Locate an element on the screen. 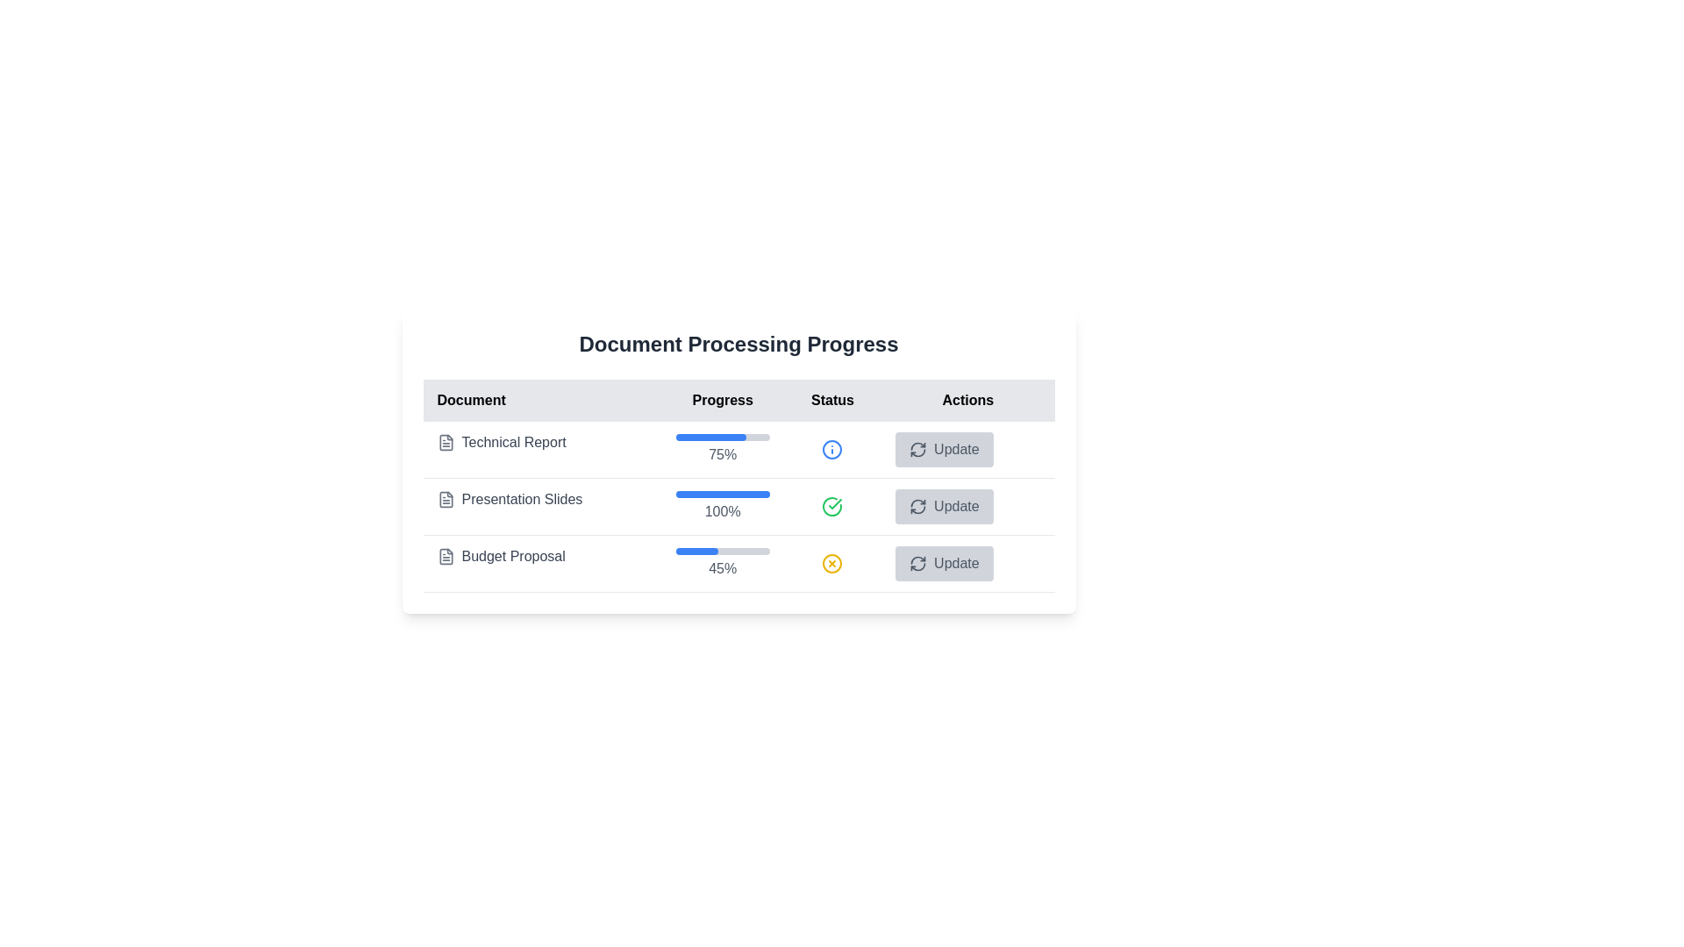 Image resolution: width=1684 pixels, height=947 pixels. status indicators within the document tracking table, which is centrally located in a card with a white background and rounded corners is located at coordinates (739, 486).